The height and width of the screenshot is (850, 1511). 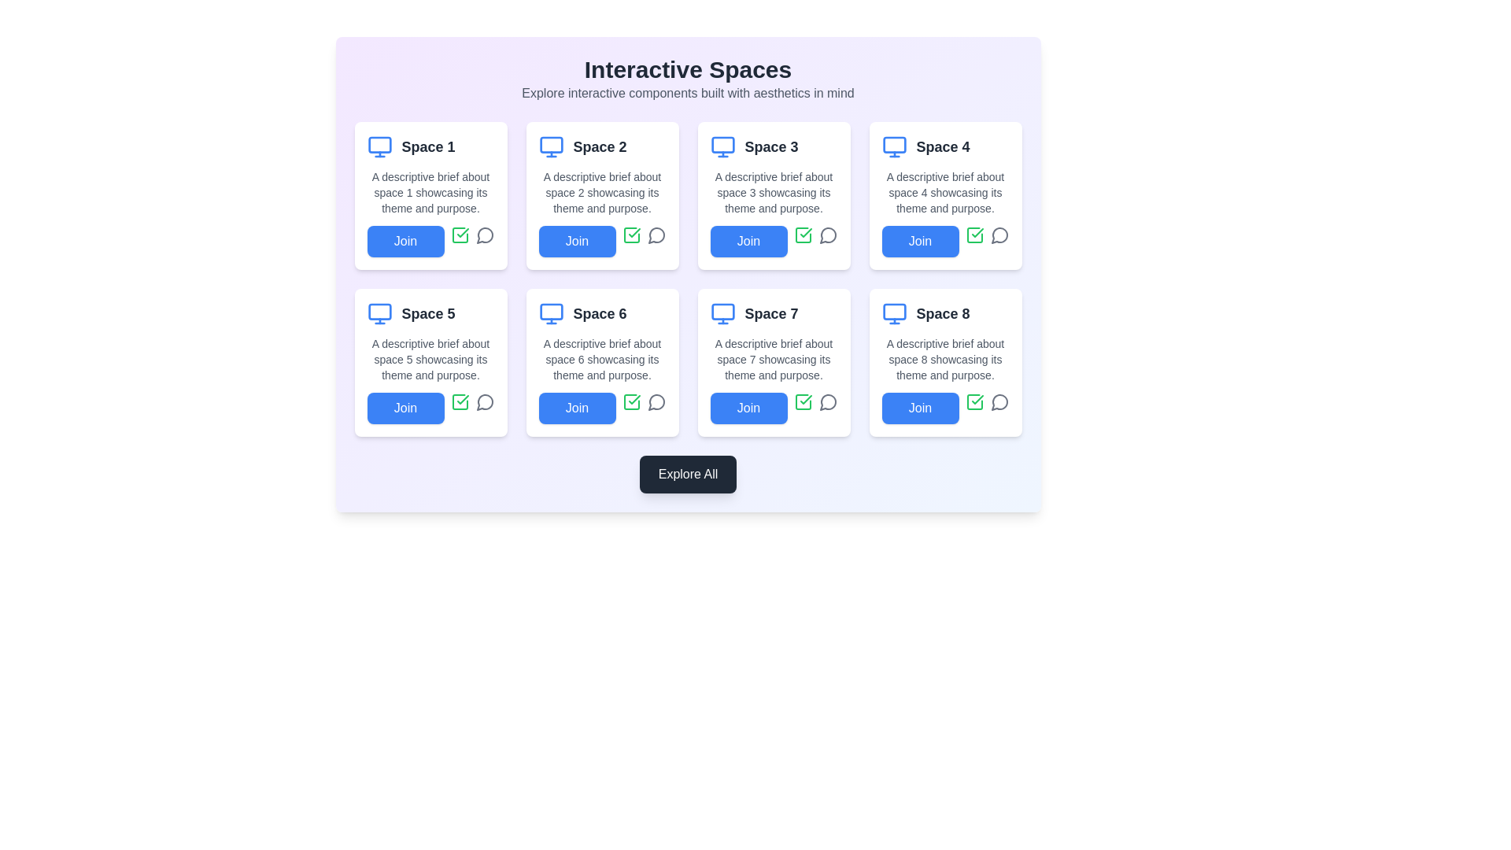 I want to click on text content of the 'Space 8' label, which is a bold, large, dark gray textual label located in the last column of the second row of a grid layout inside a card component, so click(x=943, y=313).